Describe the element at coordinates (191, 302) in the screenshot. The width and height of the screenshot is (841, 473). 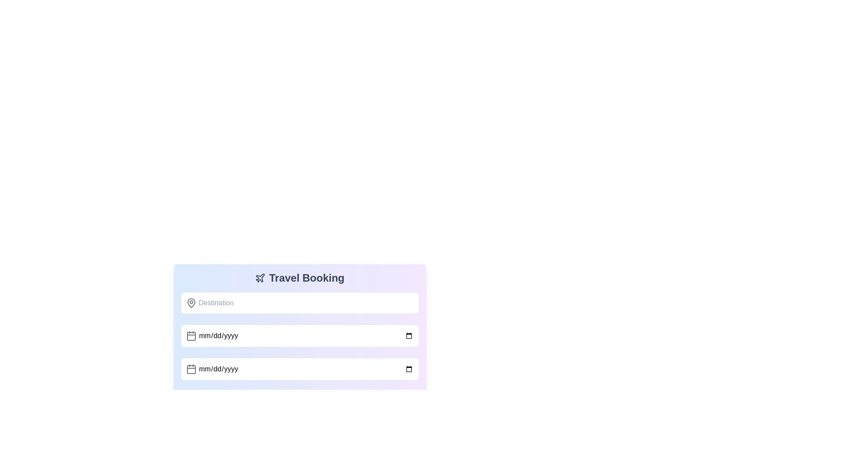
I see `the pin-shaped SVG icon representing a map location, located on the left side of the 'Destination' input field in the 'Travel Booking' module` at that location.